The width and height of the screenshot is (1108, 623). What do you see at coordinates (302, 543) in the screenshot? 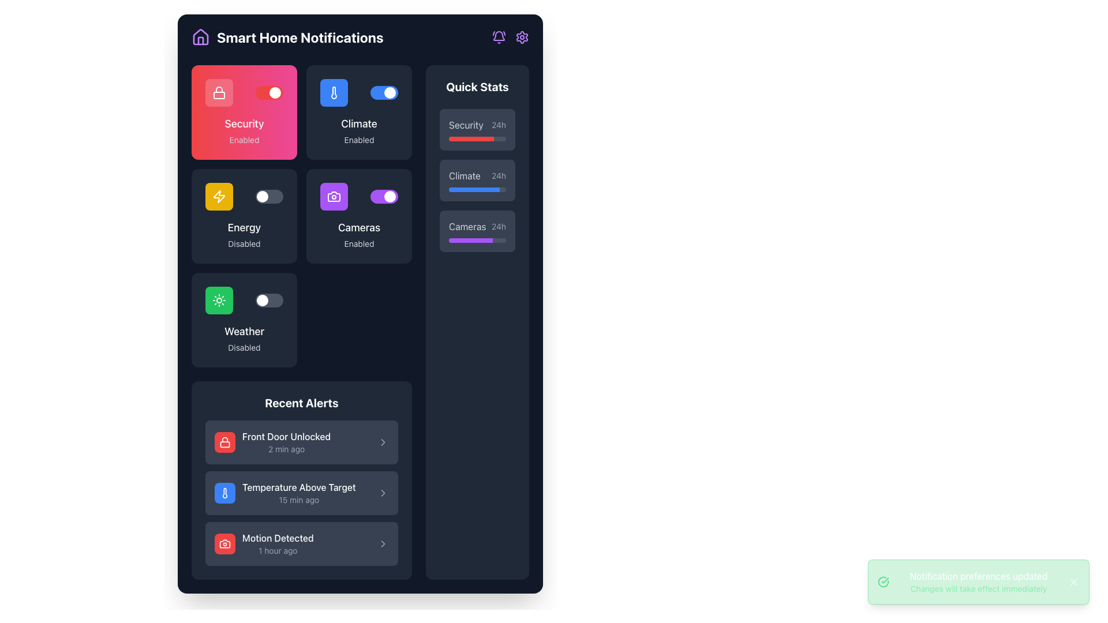
I see `the third notification block in the 'Recent Alerts' section` at bounding box center [302, 543].